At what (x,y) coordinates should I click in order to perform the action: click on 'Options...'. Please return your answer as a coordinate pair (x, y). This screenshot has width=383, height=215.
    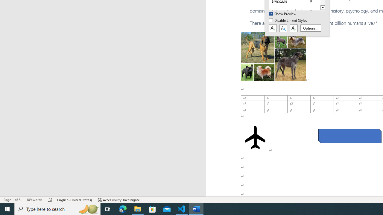
    Looking at the image, I should click on (311, 28).